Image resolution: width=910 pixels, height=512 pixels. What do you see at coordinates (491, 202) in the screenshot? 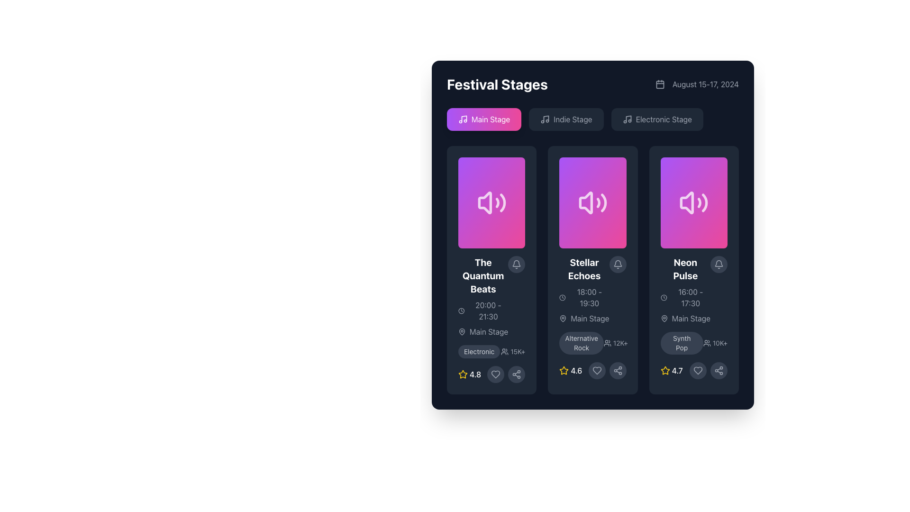
I see `the loudspeaker icon with sound waves, featuring a pink and purple gradient background, located centrally within 'The Quantum Beats' card` at bounding box center [491, 202].